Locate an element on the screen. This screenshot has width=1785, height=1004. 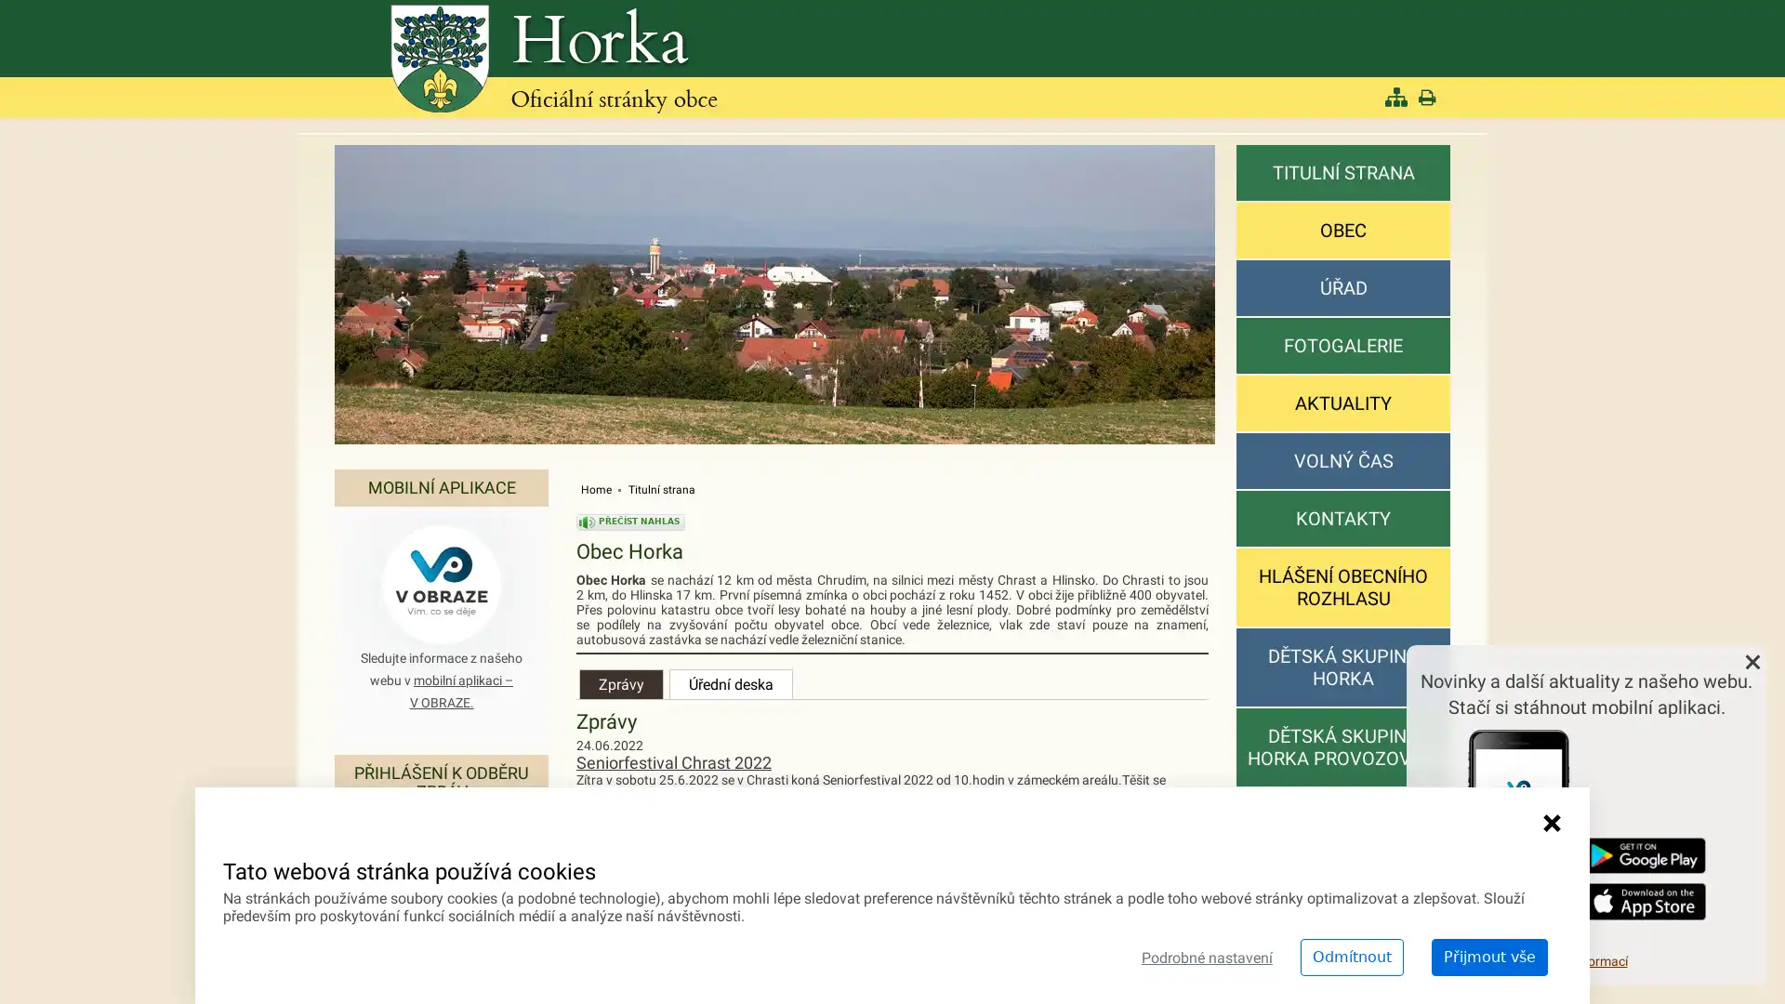
Odmitnout is located at coordinates (1352, 957).